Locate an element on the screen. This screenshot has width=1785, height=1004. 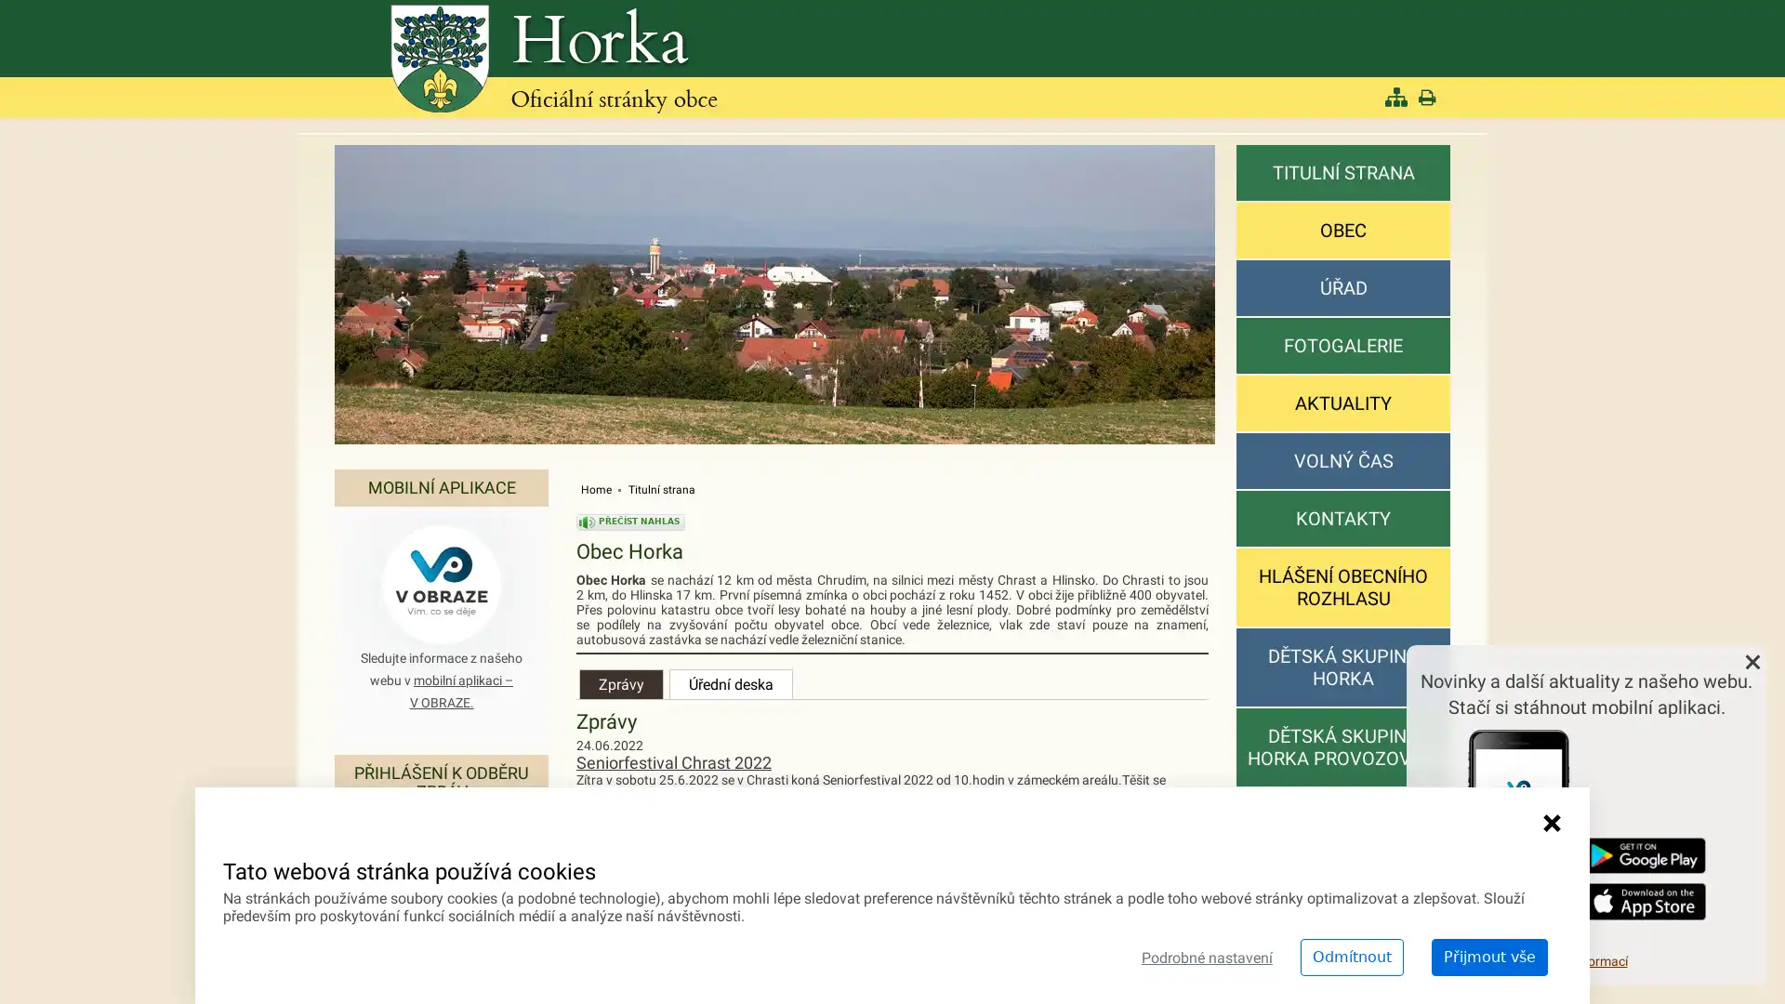
Odmitnout is located at coordinates (1352, 957).